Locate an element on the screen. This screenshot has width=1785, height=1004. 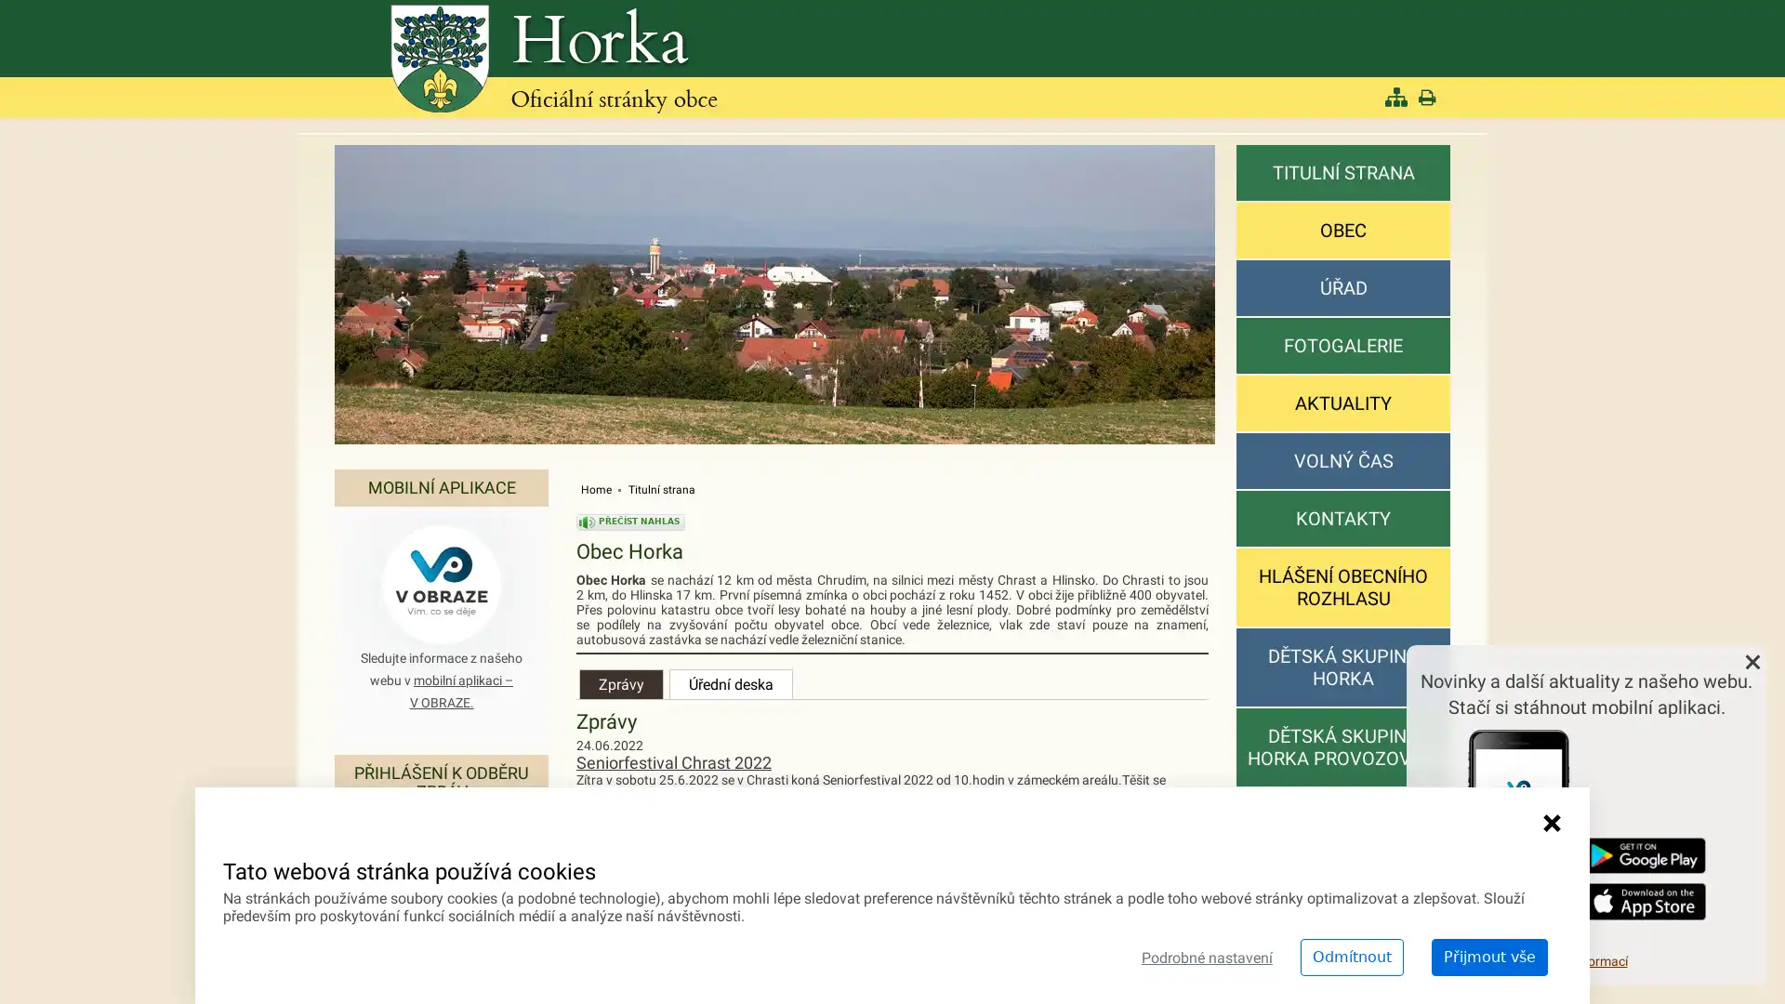
Odmitnout is located at coordinates (1352, 957).